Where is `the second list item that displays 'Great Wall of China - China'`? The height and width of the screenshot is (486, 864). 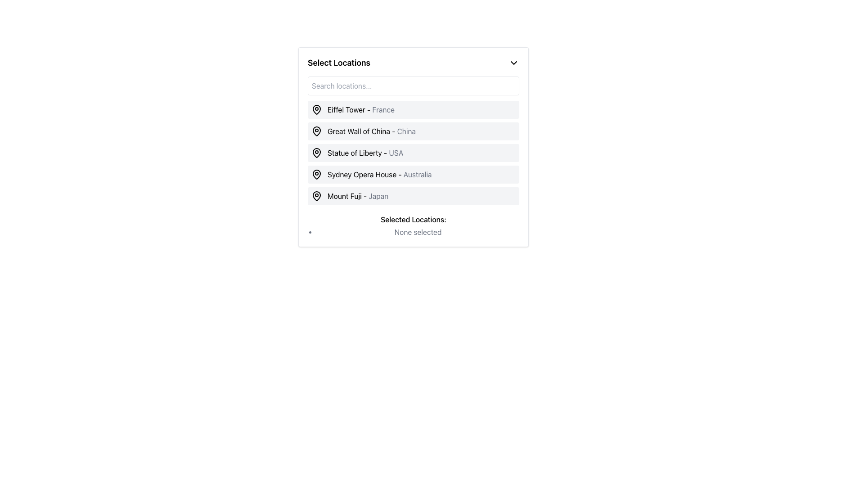 the second list item that displays 'Great Wall of China - China' is located at coordinates (413, 131).